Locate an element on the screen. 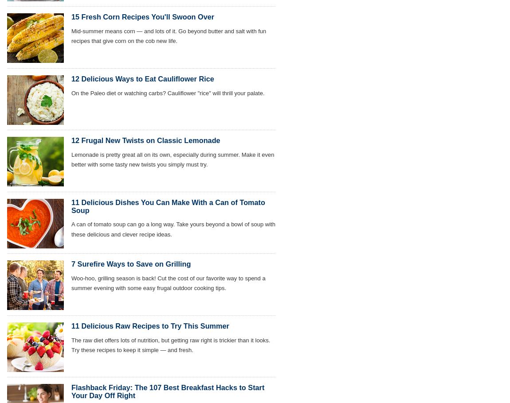 This screenshot has width=510, height=403. '7 Surefire Ways to Save on Grilling' is located at coordinates (131, 263).